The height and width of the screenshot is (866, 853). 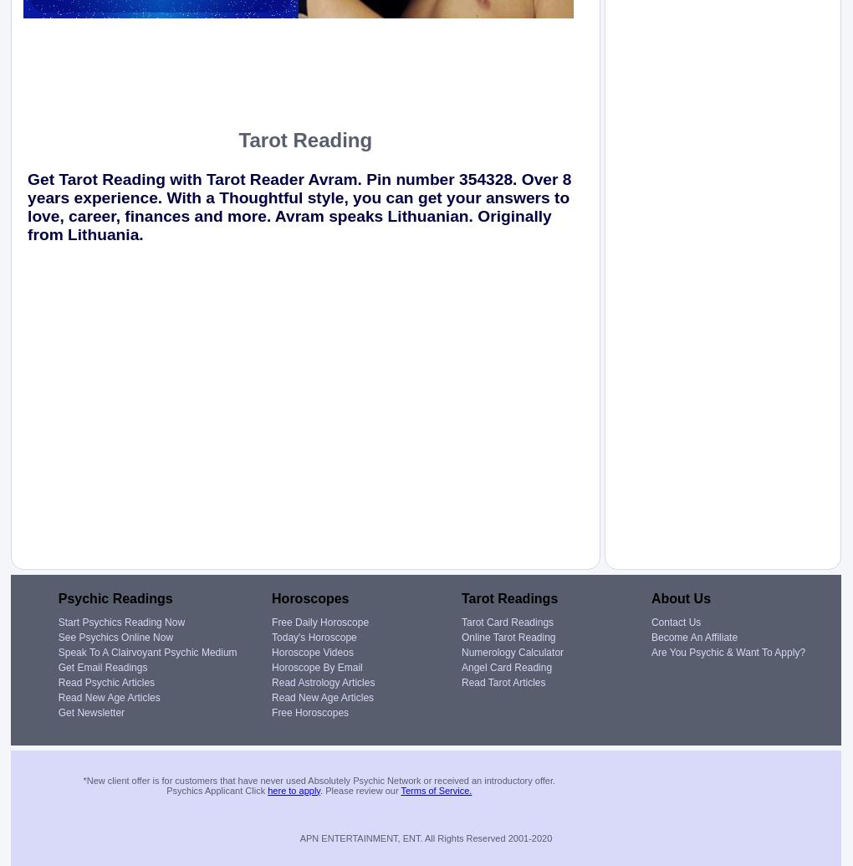 What do you see at coordinates (299, 837) in the screenshot?
I see `'APN ENTERTAINMENT, ENT. All Rights Reserved 2001-2020'` at bounding box center [299, 837].